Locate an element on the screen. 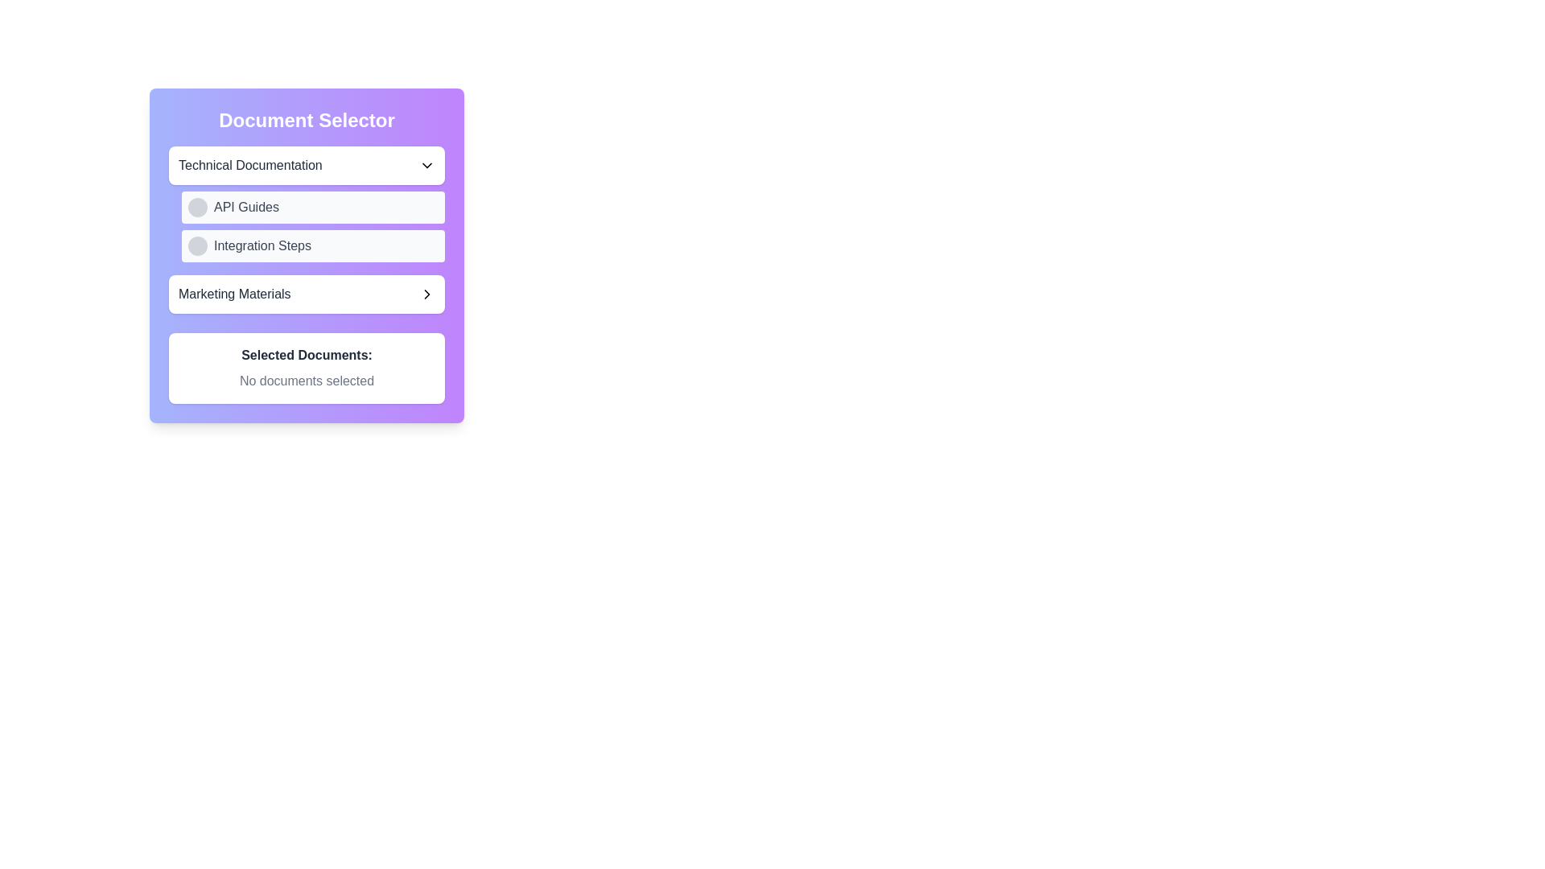  text from the 'Marketing Materials' label located in the third interactive box of the 'Document Selector' panel is located at coordinates (233, 294).